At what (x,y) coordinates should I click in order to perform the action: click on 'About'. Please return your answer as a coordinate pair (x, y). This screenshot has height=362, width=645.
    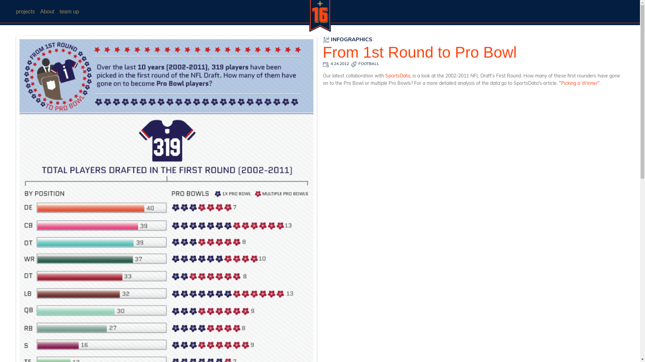
    Looking at the image, I should click on (49, 11).